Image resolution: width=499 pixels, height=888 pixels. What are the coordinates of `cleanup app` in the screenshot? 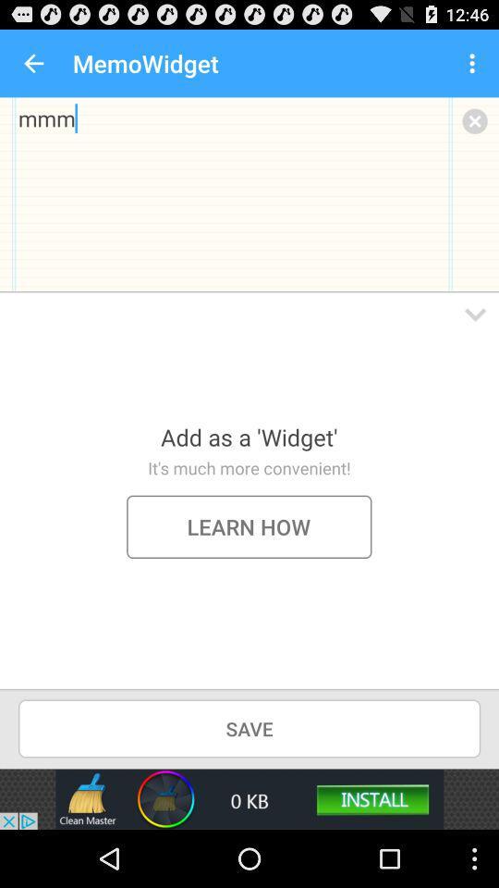 It's located at (249, 798).